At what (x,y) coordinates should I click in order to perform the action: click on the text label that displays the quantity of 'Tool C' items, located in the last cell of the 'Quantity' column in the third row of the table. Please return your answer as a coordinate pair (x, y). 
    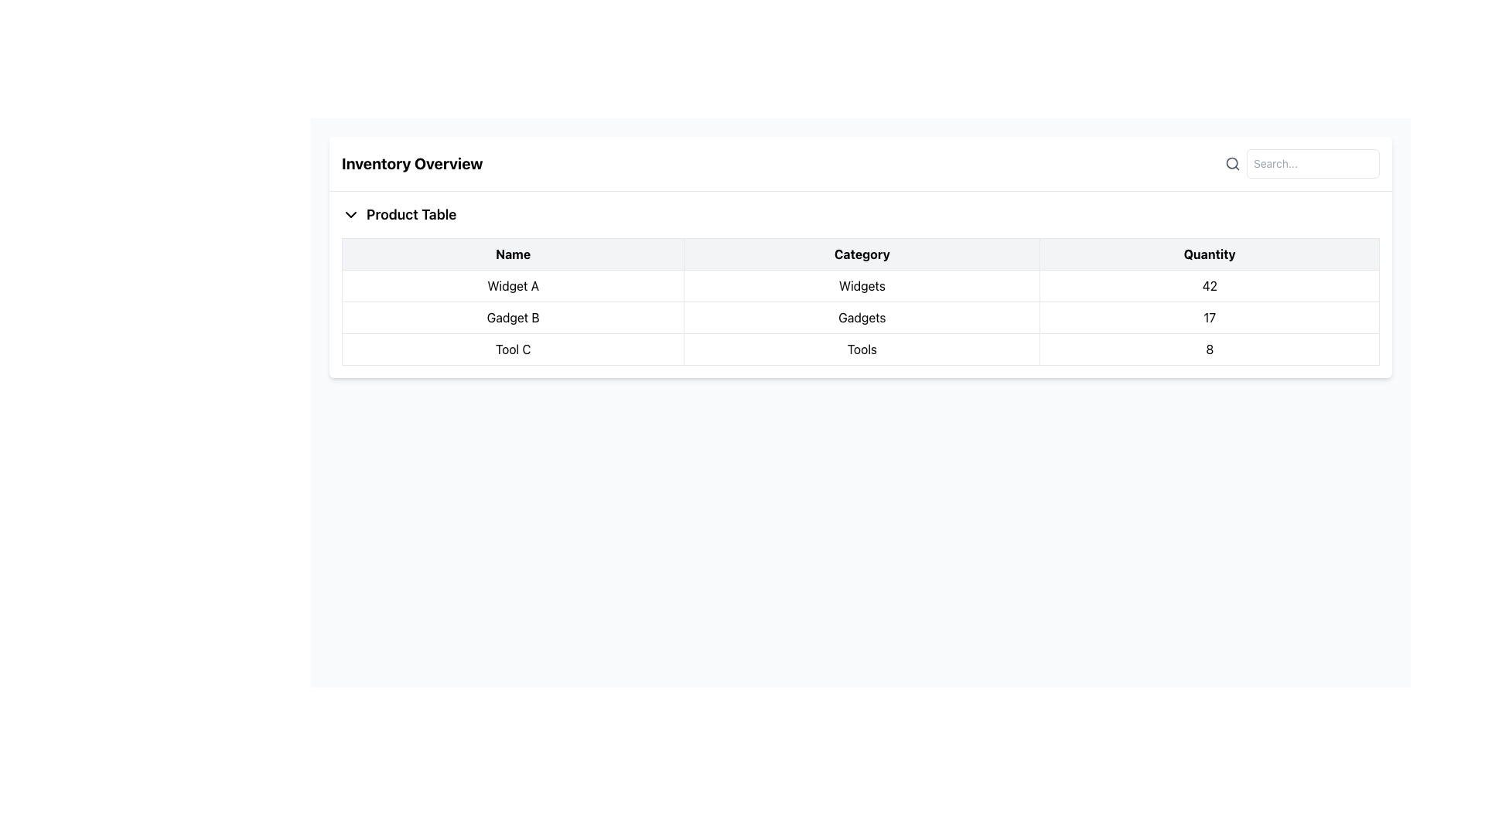
    Looking at the image, I should click on (1209, 349).